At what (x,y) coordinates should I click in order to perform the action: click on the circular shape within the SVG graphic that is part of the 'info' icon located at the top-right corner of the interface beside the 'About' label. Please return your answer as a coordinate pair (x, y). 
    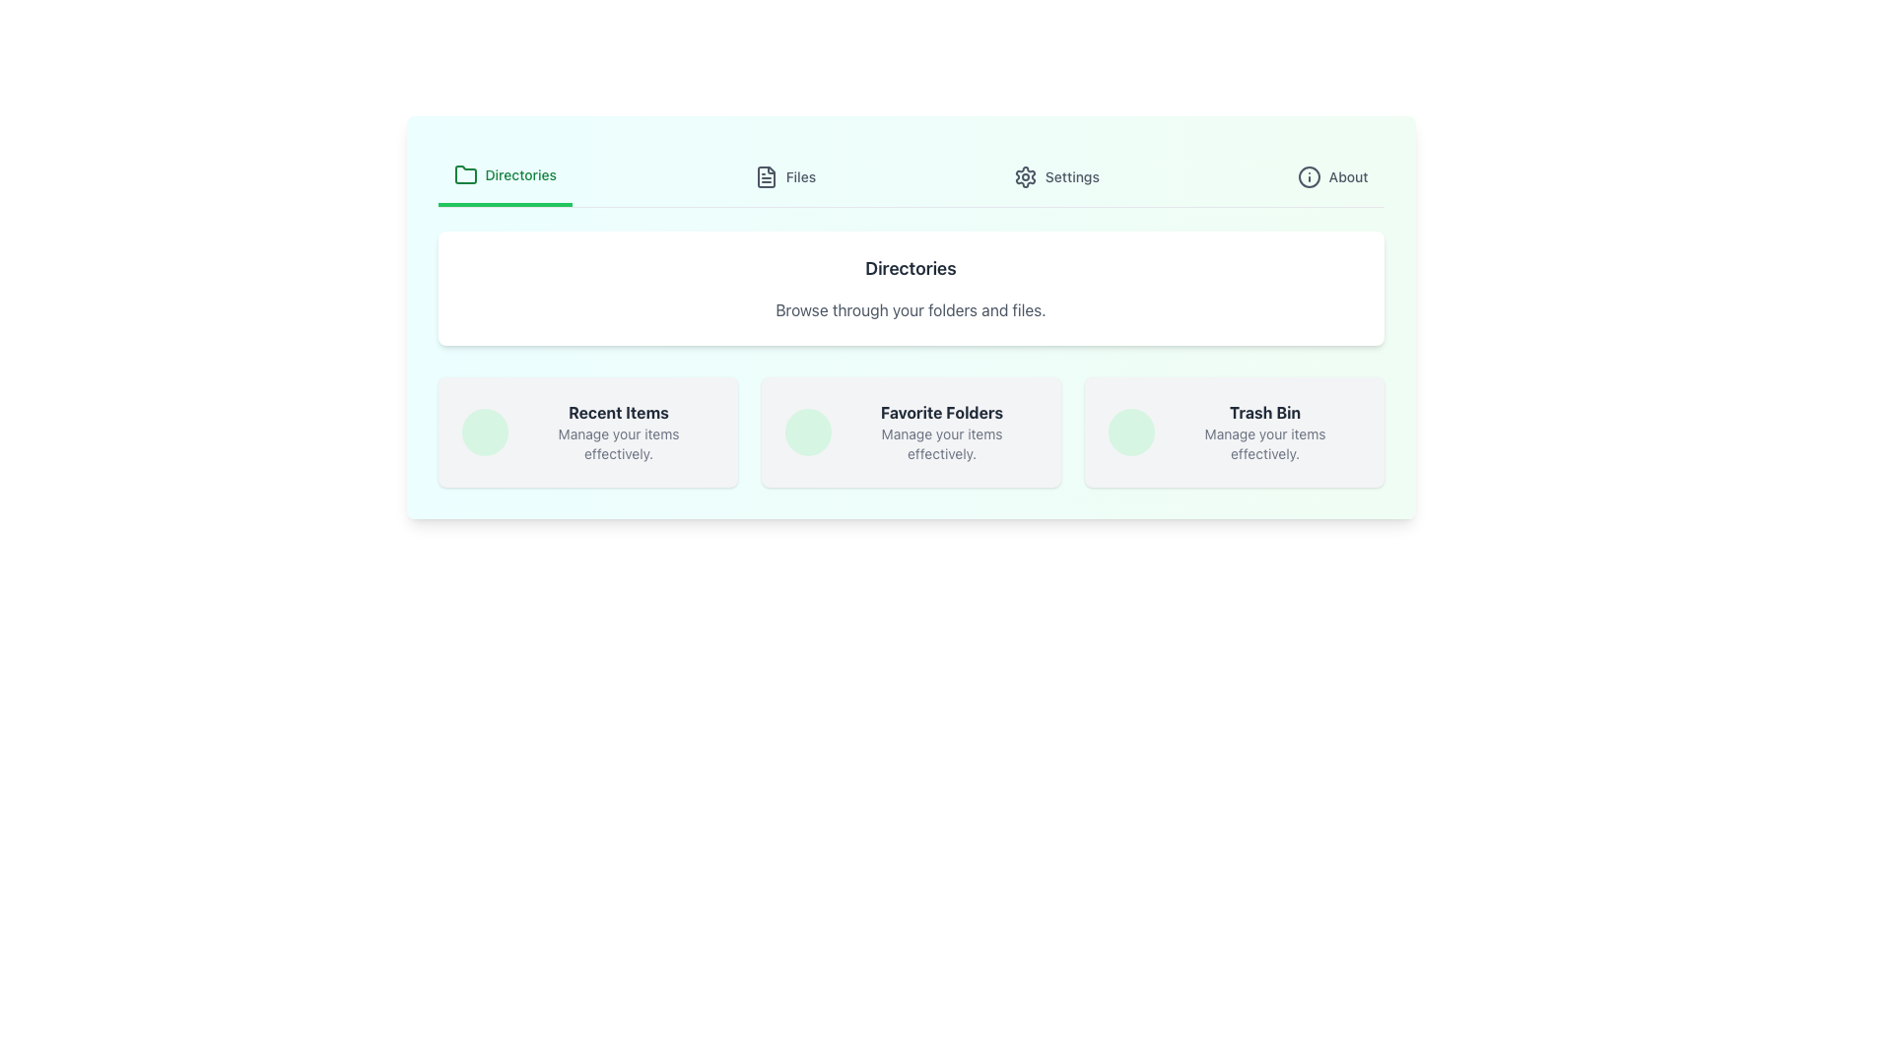
    Looking at the image, I should click on (1309, 177).